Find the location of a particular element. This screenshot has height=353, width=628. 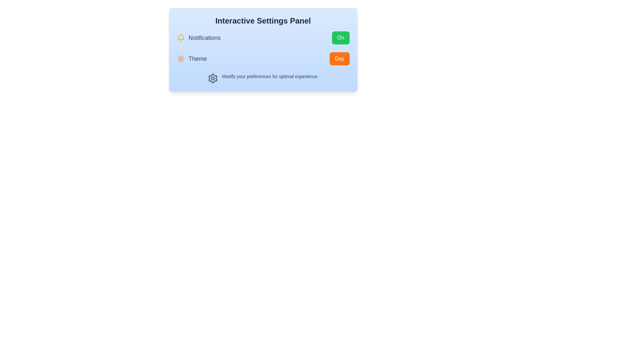

the grayish gear-shaped icon representing settings within the interactive settings panel, located below the 'Theme' section is located at coordinates (213, 78).